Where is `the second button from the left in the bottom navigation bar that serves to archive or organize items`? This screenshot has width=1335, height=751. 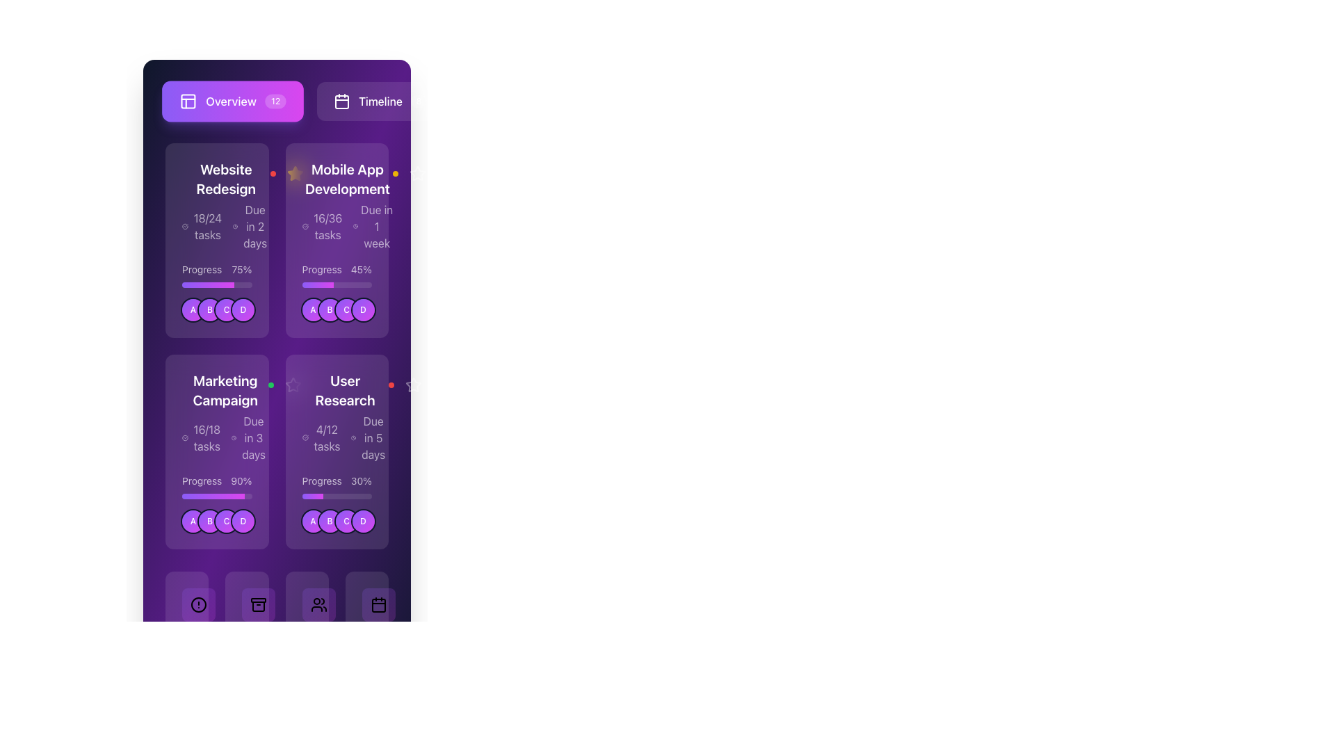 the second button from the left in the bottom navigation bar that serves to archive or organize items is located at coordinates (259, 604).